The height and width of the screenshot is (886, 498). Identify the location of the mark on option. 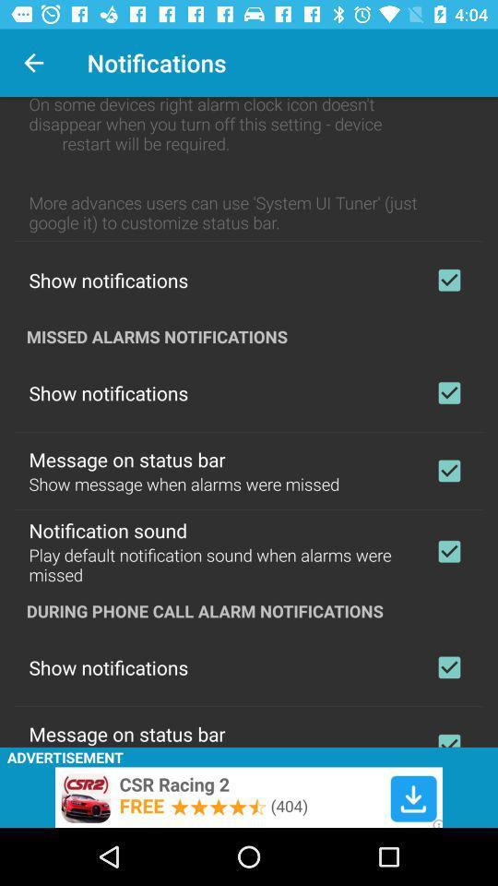
(448, 666).